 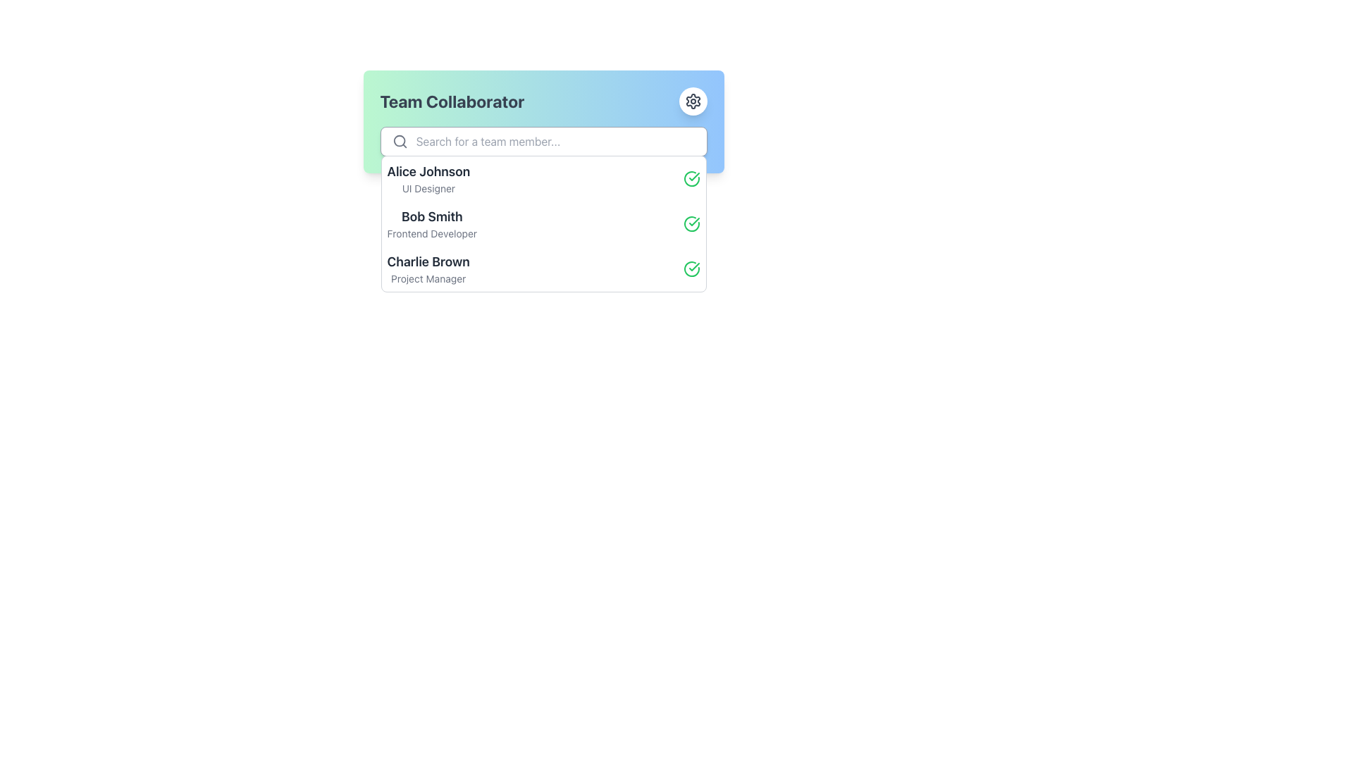 What do you see at coordinates (431, 217) in the screenshot?
I see `the name displayed in the text label` at bounding box center [431, 217].